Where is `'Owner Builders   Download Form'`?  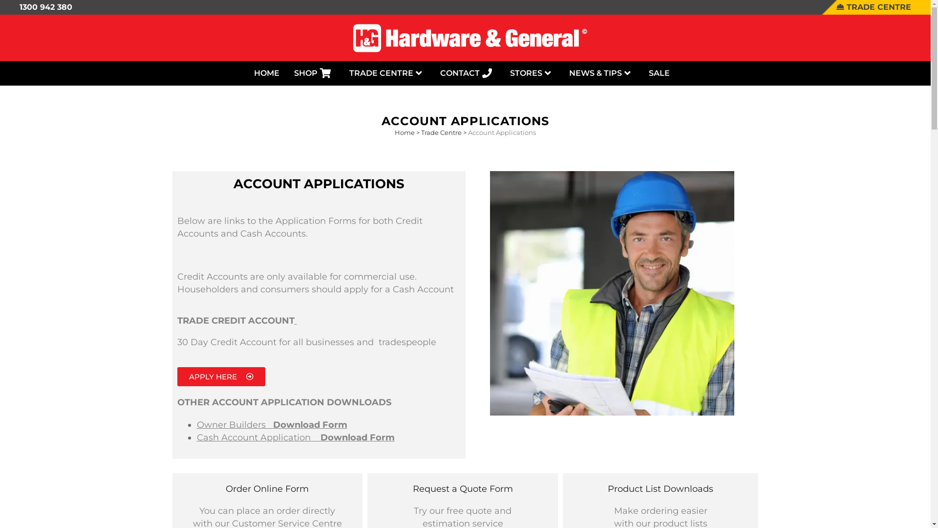
'Owner Builders   Download Form' is located at coordinates (272, 424).